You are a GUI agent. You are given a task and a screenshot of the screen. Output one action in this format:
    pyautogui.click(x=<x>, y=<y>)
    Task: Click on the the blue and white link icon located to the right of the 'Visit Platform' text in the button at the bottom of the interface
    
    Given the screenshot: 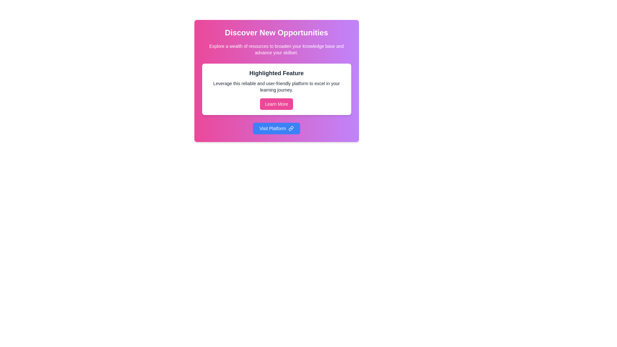 What is the action you would take?
    pyautogui.click(x=291, y=129)
    